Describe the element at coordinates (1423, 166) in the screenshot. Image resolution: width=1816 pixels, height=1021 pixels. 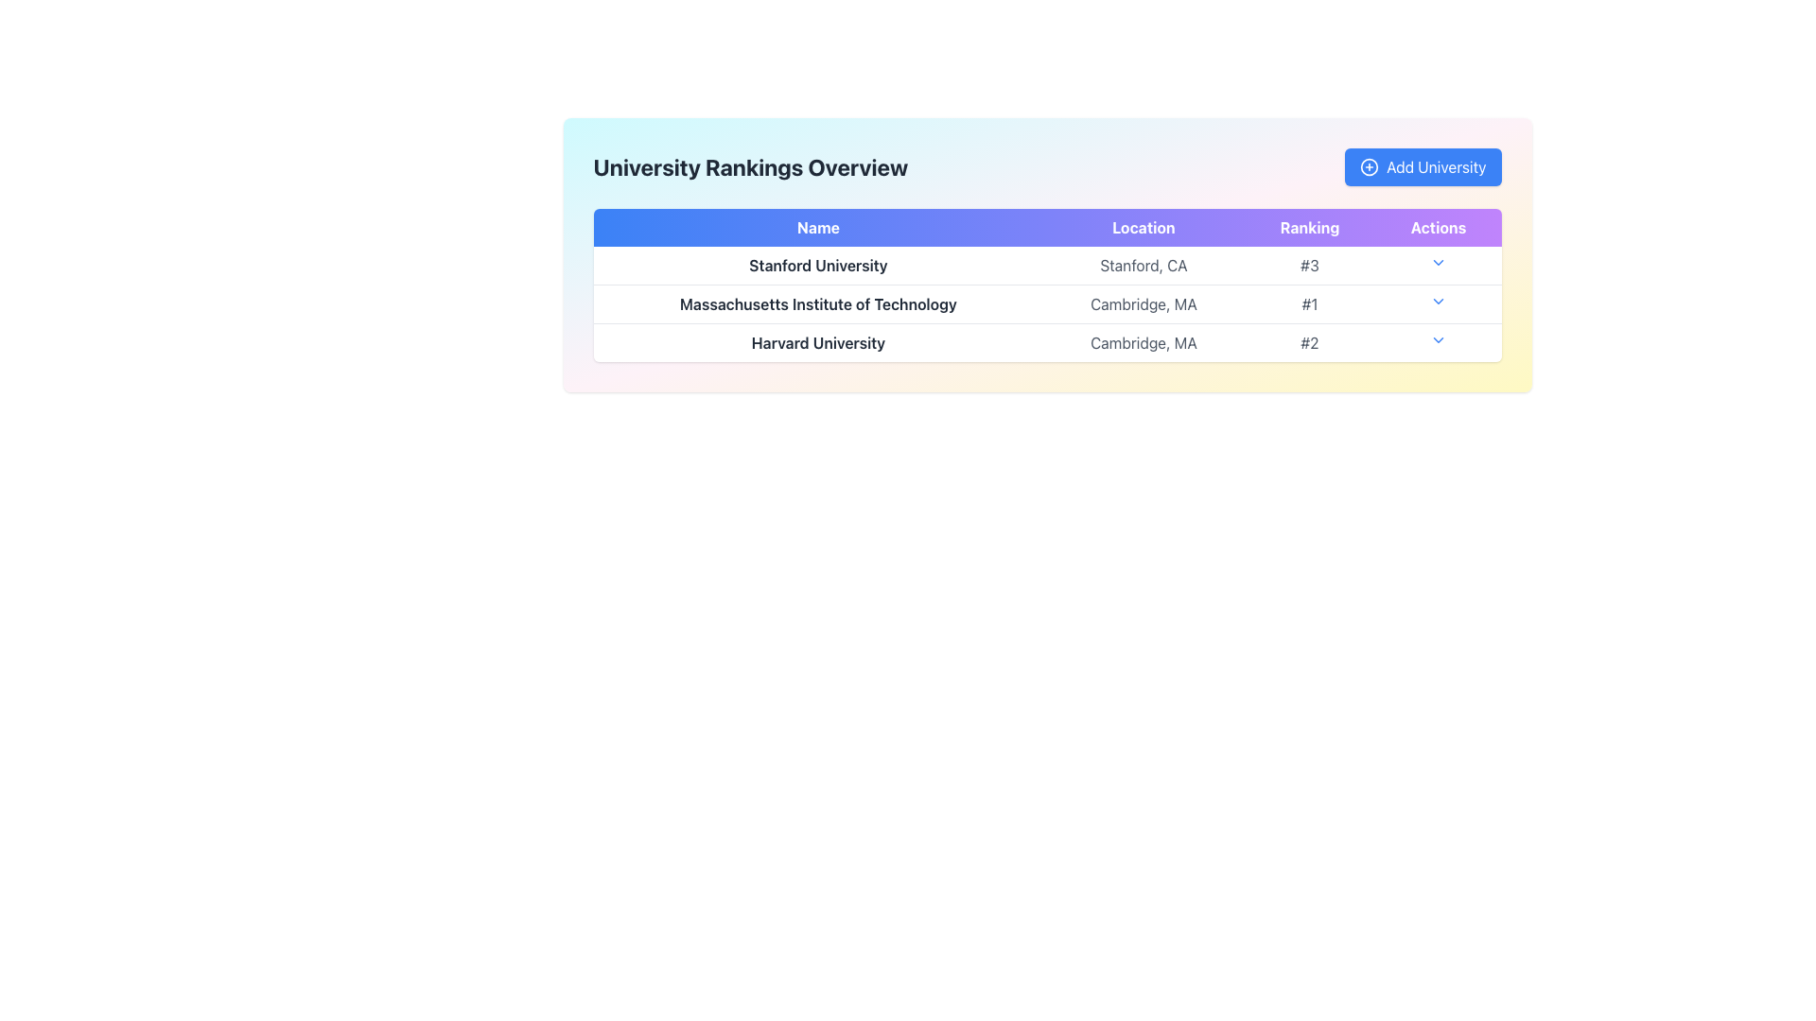
I see `the 'Add University' button with a blue background and white text to change its color to darker blue` at that location.